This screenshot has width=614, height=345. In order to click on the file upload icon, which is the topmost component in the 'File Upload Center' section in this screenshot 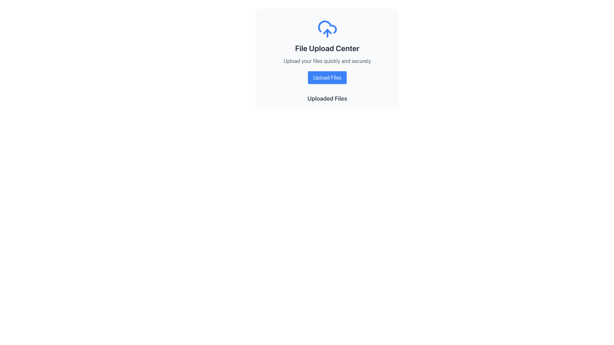, I will do `click(327, 29)`.